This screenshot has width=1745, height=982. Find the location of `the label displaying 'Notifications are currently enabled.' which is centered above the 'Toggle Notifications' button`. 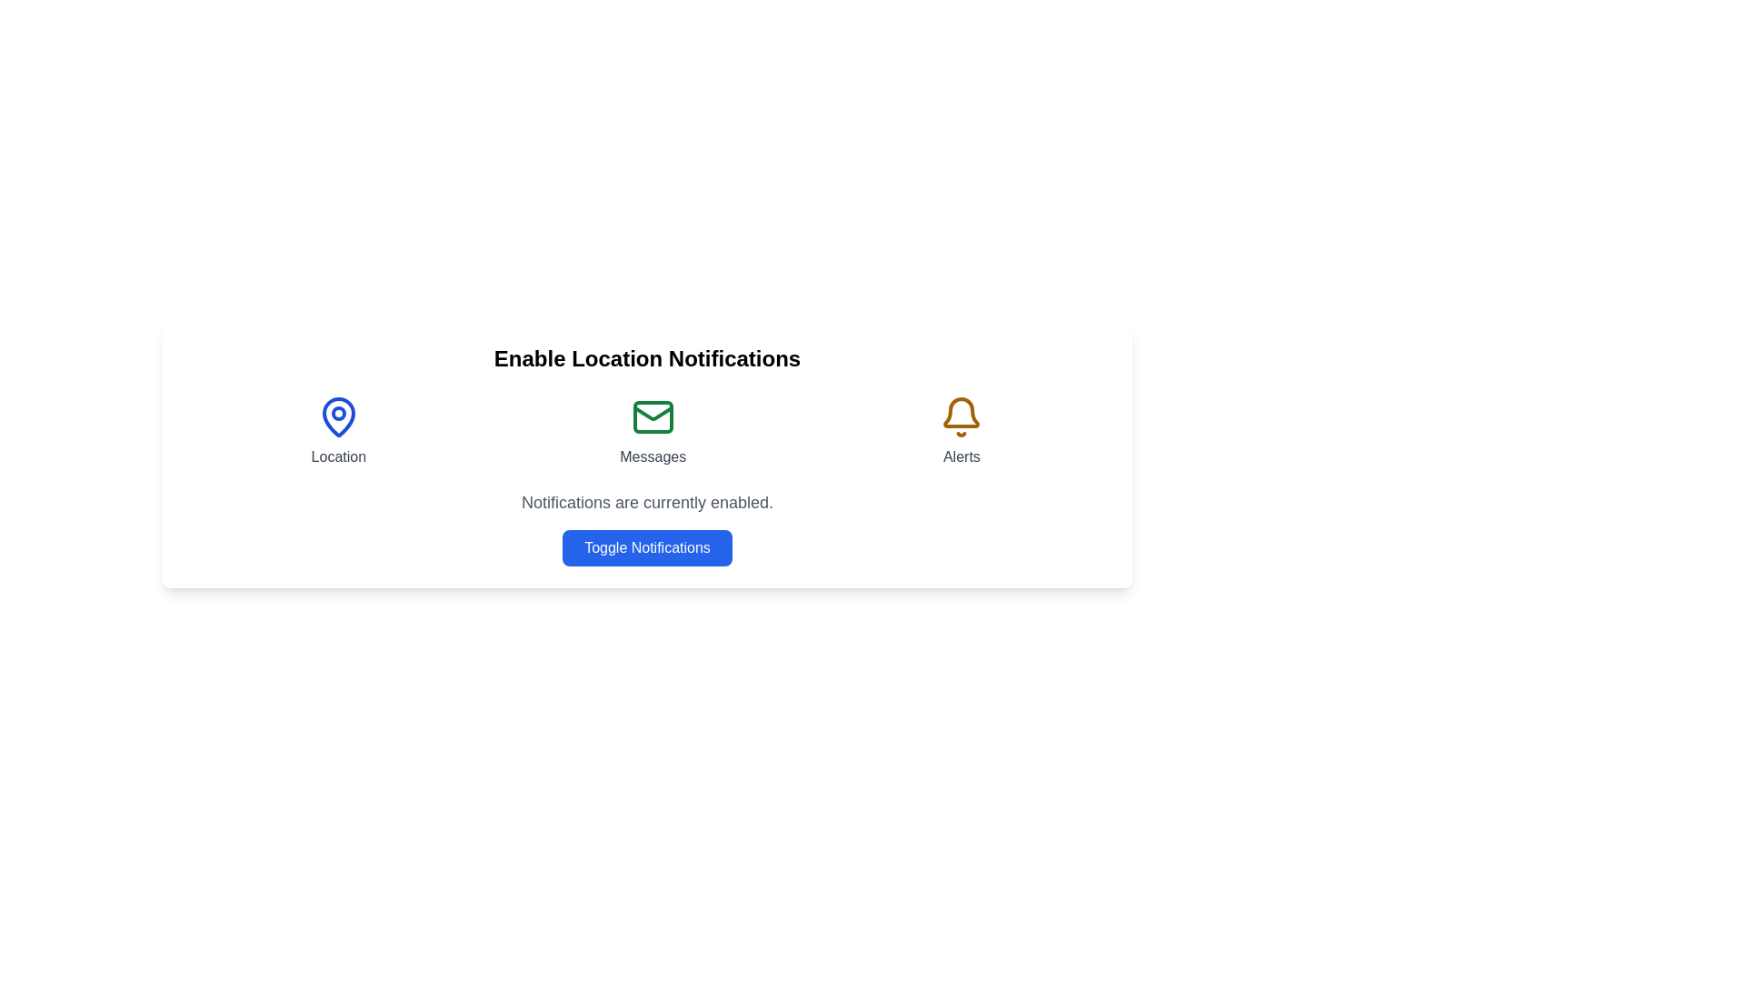

the label displaying 'Notifications are currently enabled.' which is centered above the 'Toggle Notifications' button is located at coordinates (647, 502).